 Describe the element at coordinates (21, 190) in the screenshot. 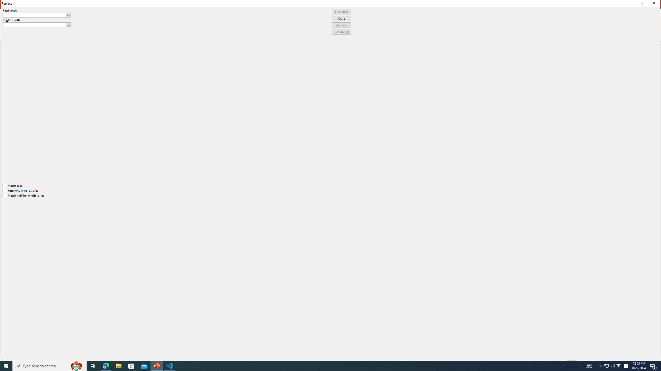

I see `'Find whole words only'` at that location.